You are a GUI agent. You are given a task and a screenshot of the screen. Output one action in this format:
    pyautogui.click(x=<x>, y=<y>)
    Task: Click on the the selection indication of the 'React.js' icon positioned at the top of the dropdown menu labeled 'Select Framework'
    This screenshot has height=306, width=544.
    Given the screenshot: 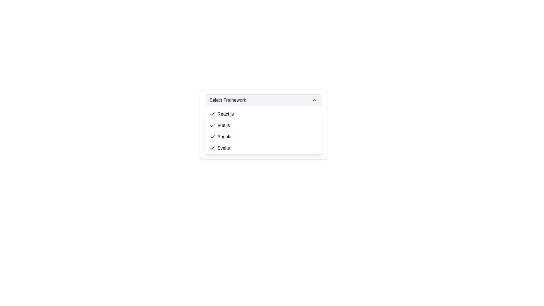 What is the action you would take?
    pyautogui.click(x=212, y=114)
    